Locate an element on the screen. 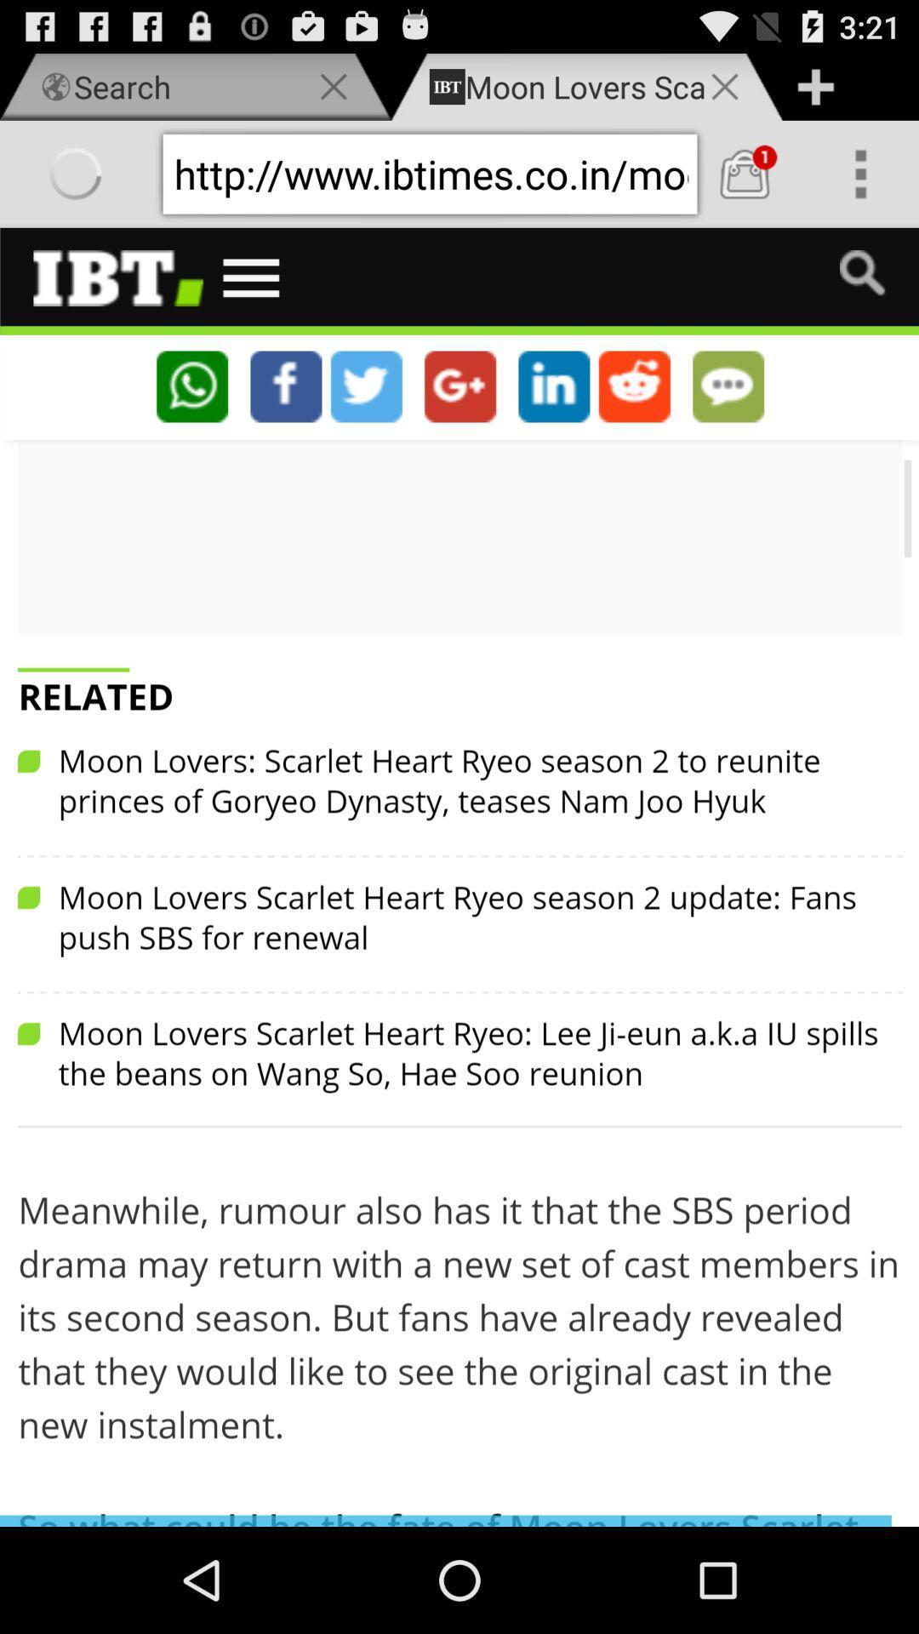 The height and width of the screenshot is (1634, 919). swipe screen is located at coordinates (459, 877).